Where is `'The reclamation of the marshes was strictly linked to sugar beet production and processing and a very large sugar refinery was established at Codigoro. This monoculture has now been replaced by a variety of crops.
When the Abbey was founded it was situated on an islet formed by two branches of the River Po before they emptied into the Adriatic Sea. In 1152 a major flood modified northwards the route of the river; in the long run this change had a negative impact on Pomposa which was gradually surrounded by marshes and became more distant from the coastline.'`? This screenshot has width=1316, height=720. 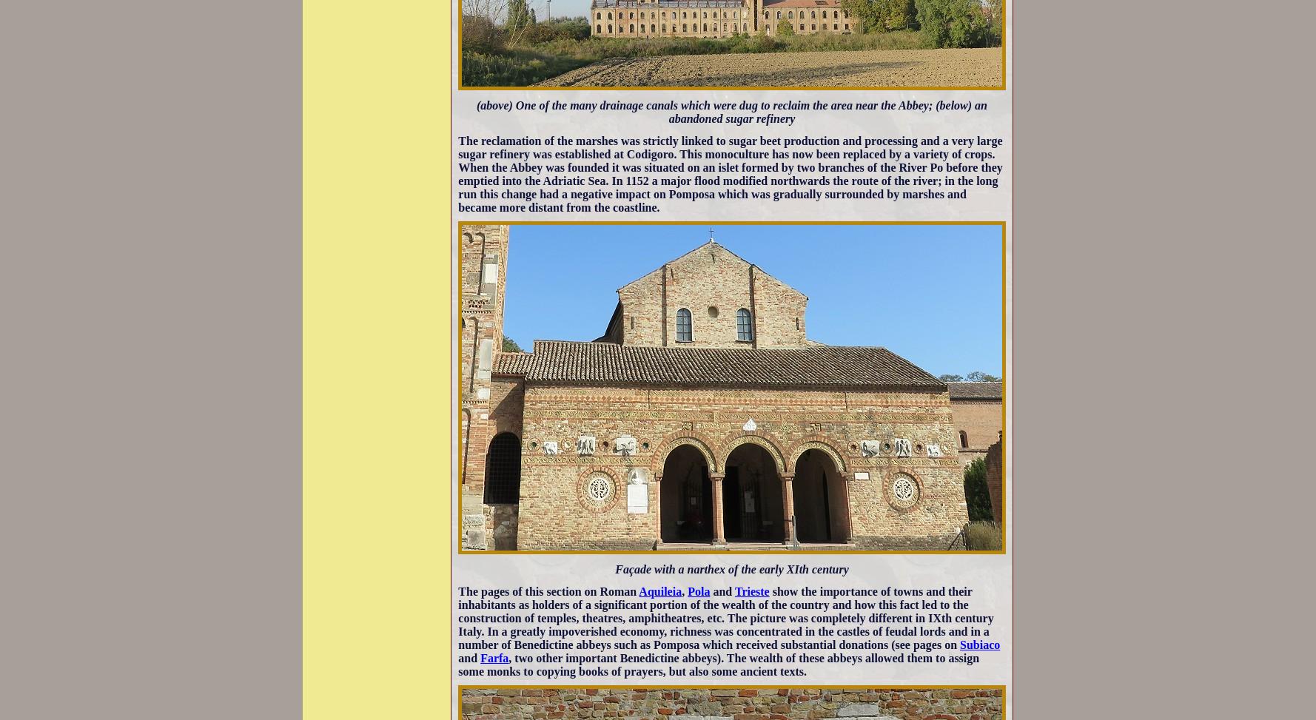
'The reclamation of the marshes was strictly linked to sugar beet production and processing and a very large sugar refinery was established at Codigoro. This monoculture has now been replaced by a variety of crops.
When the Abbey was founded it was situated on an islet formed by two branches of the River Po before they emptied into the Adriatic Sea. In 1152 a major flood modified northwards the route of the river; in the long run this change had a negative impact on Pomposa which was gradually surrounded by marshes and became more distant from the coastline.' is located at coordinates (729, 172).